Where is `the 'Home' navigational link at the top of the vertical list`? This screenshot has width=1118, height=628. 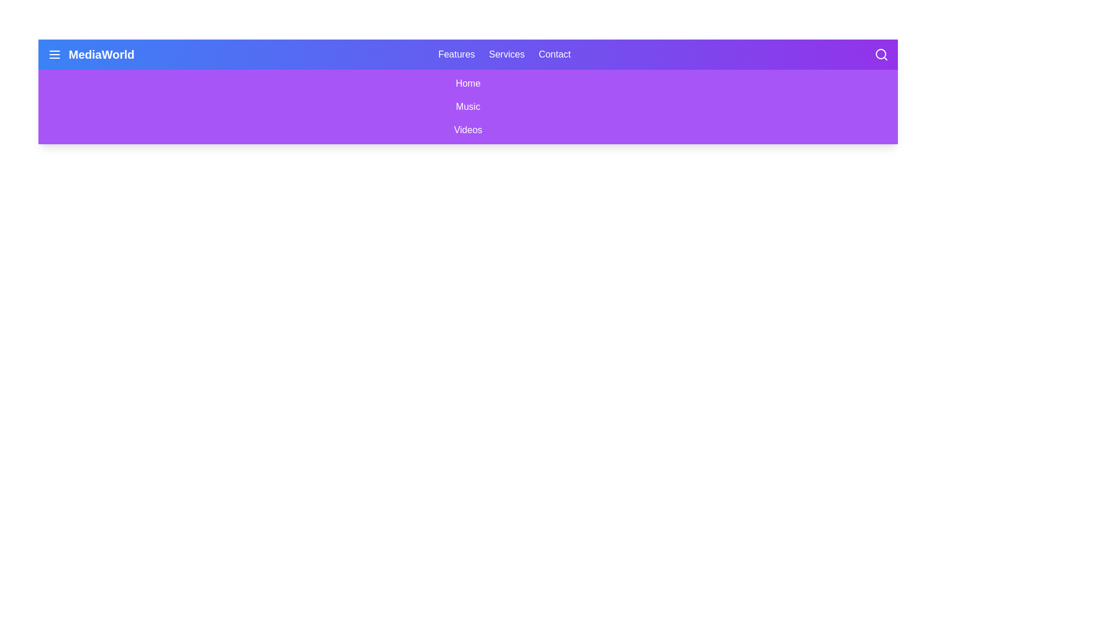
the 'Home' navigational link at the top of the vertical list is located at coordinates (468, 83).